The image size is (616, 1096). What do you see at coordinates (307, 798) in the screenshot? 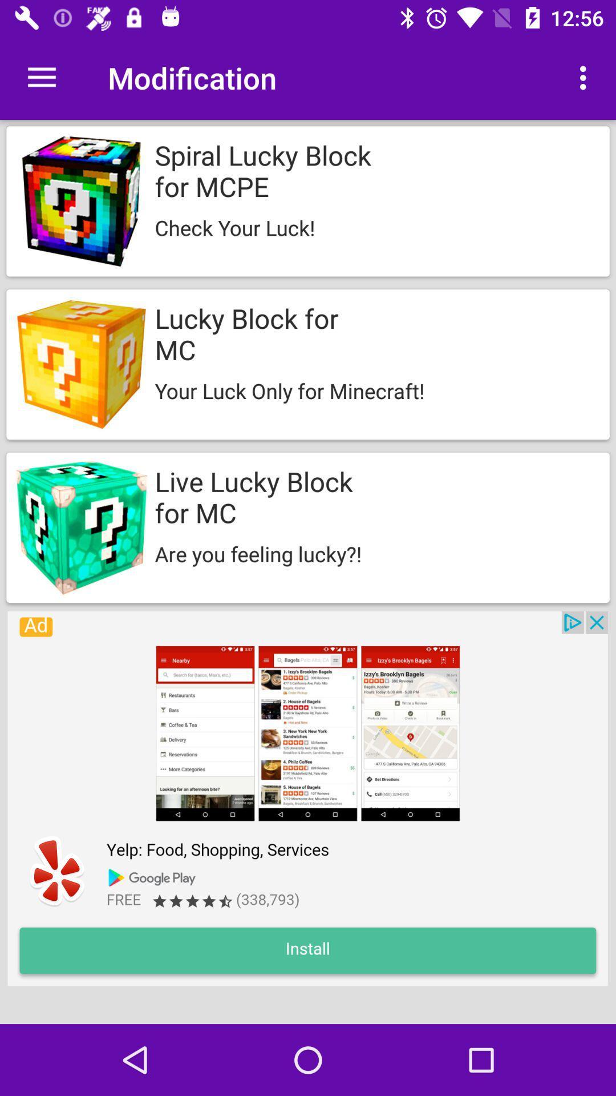
I see `open` at bounding box center [307, 798].